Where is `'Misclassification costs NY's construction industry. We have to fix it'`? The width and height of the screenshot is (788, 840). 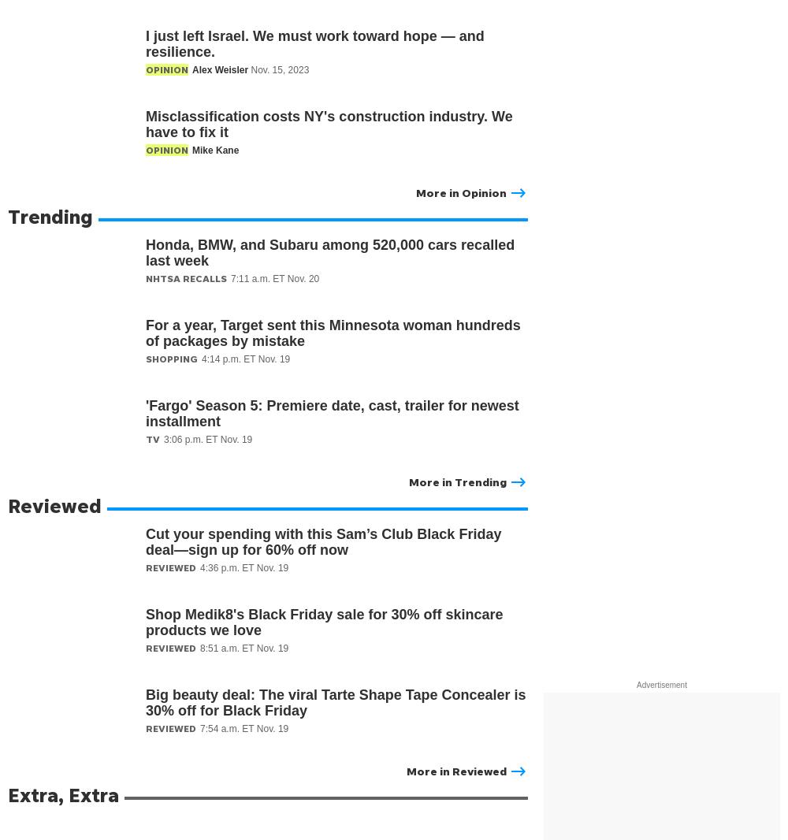 'Misclassification costs NY's construction industry. We have to fix it' is located at coordinates (329, 123).